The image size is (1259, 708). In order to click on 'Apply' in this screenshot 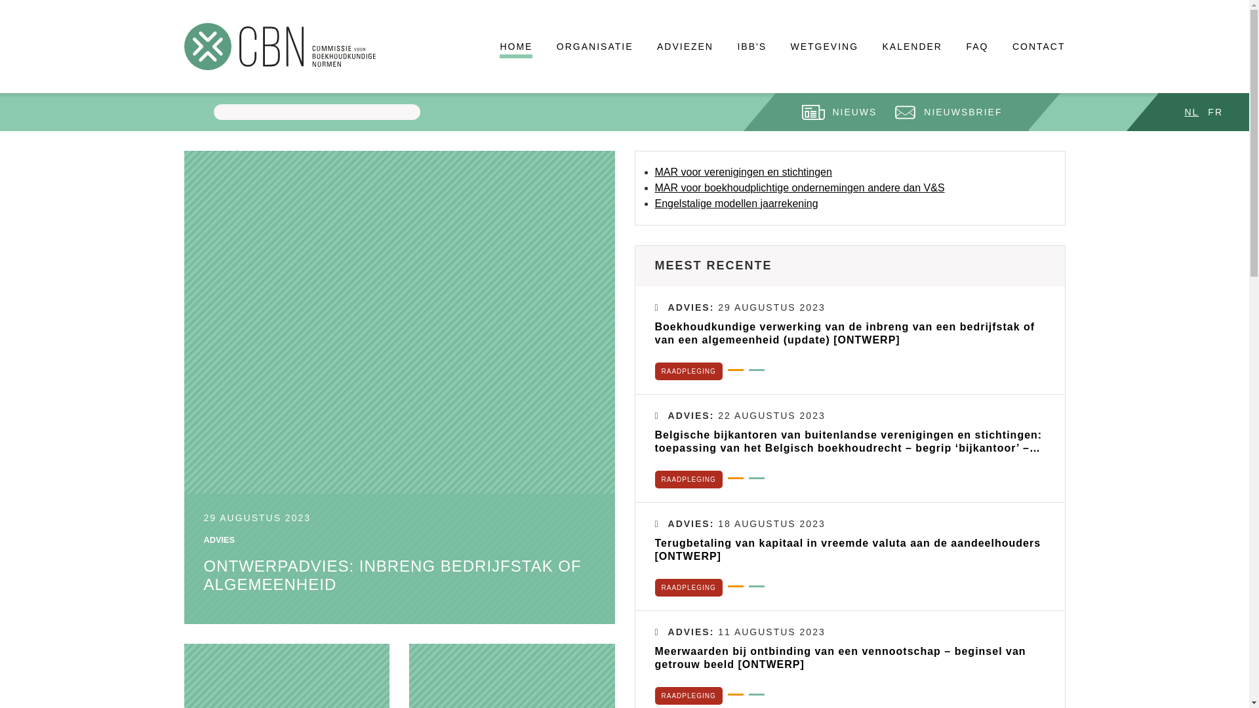, I will do `click(195, 112)`.